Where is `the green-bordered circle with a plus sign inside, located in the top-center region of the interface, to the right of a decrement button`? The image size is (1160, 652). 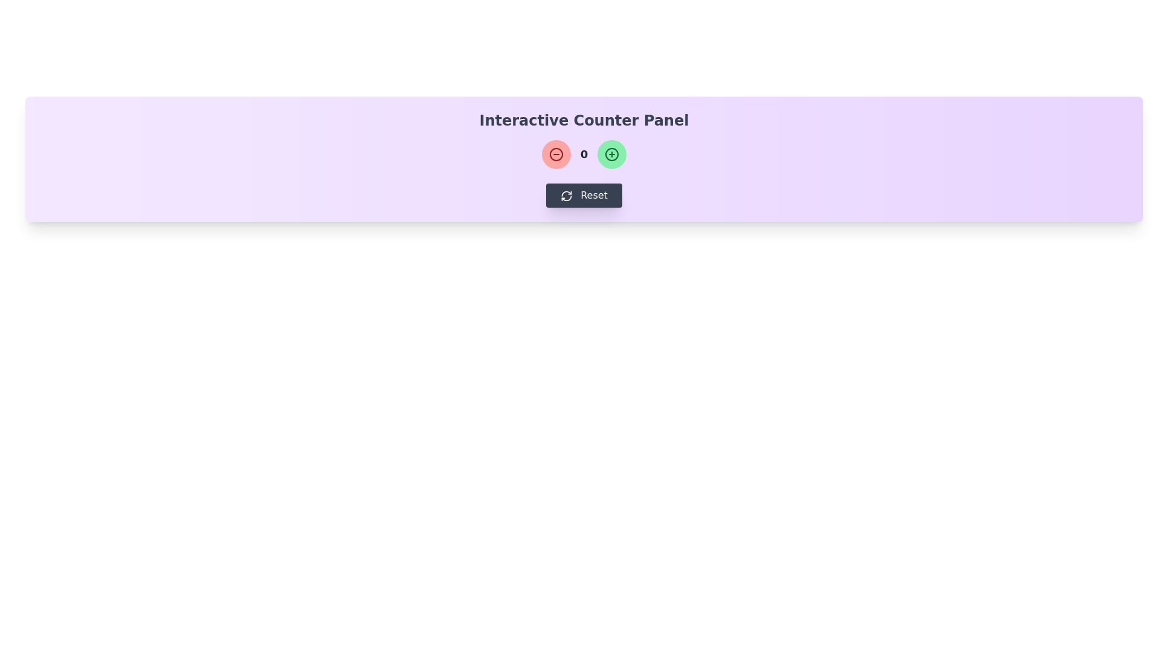 the green-bordered circle with a plus sign inside, located in the top-center region of the interface, to the right of a decrement button is located at coordinates (612, 153).